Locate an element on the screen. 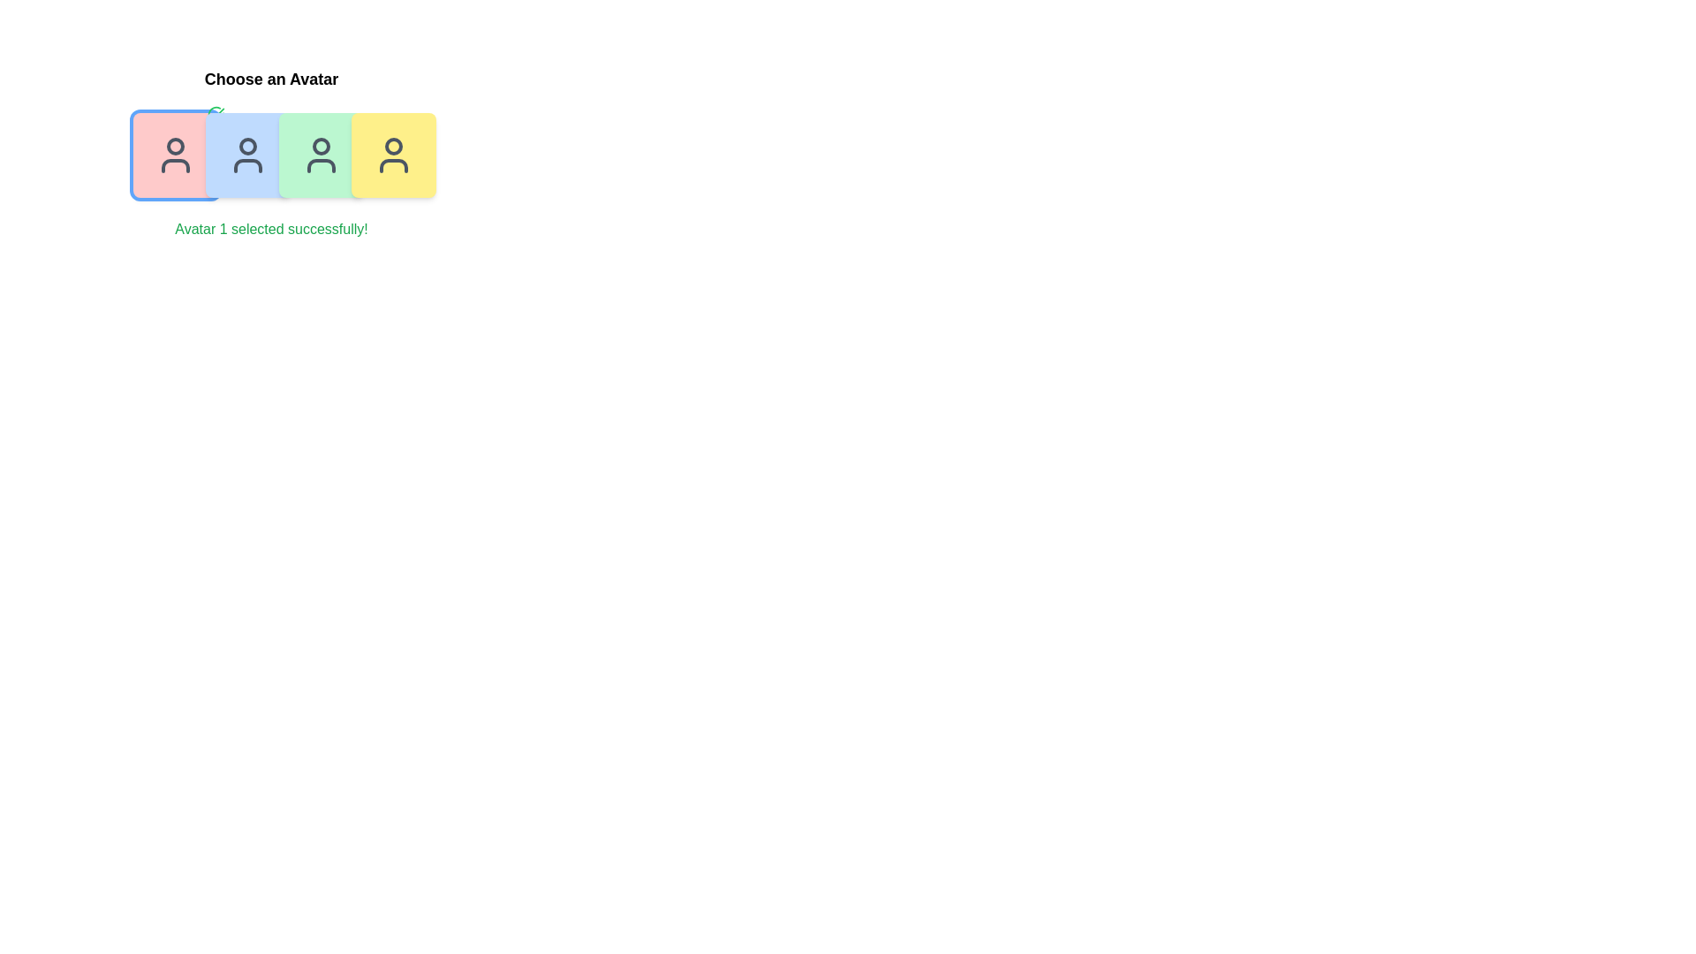 The height and width of the screenshot is (954, 1696). the yellow square button with rounded corners, which contains a gray icon of a person is located at coordinates (392, 155).